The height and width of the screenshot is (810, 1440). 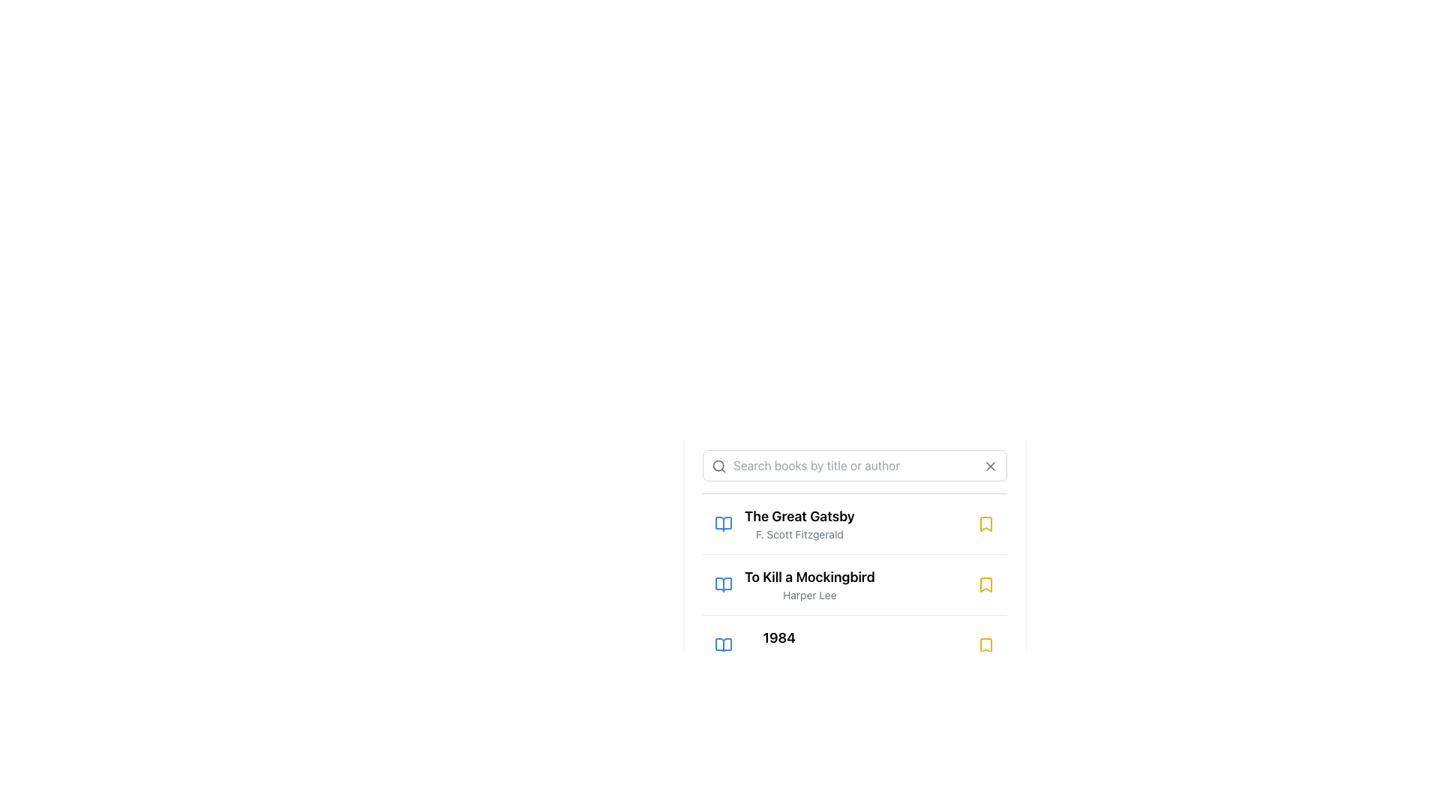 What do you see at coordinates (723, 523) in the screenshot?
I see `the icon representing 'The Great Gatsby', which is the first icon to the left of the item labeled 'The Great Gatsby' in the list` at bounding box center [723, 523].